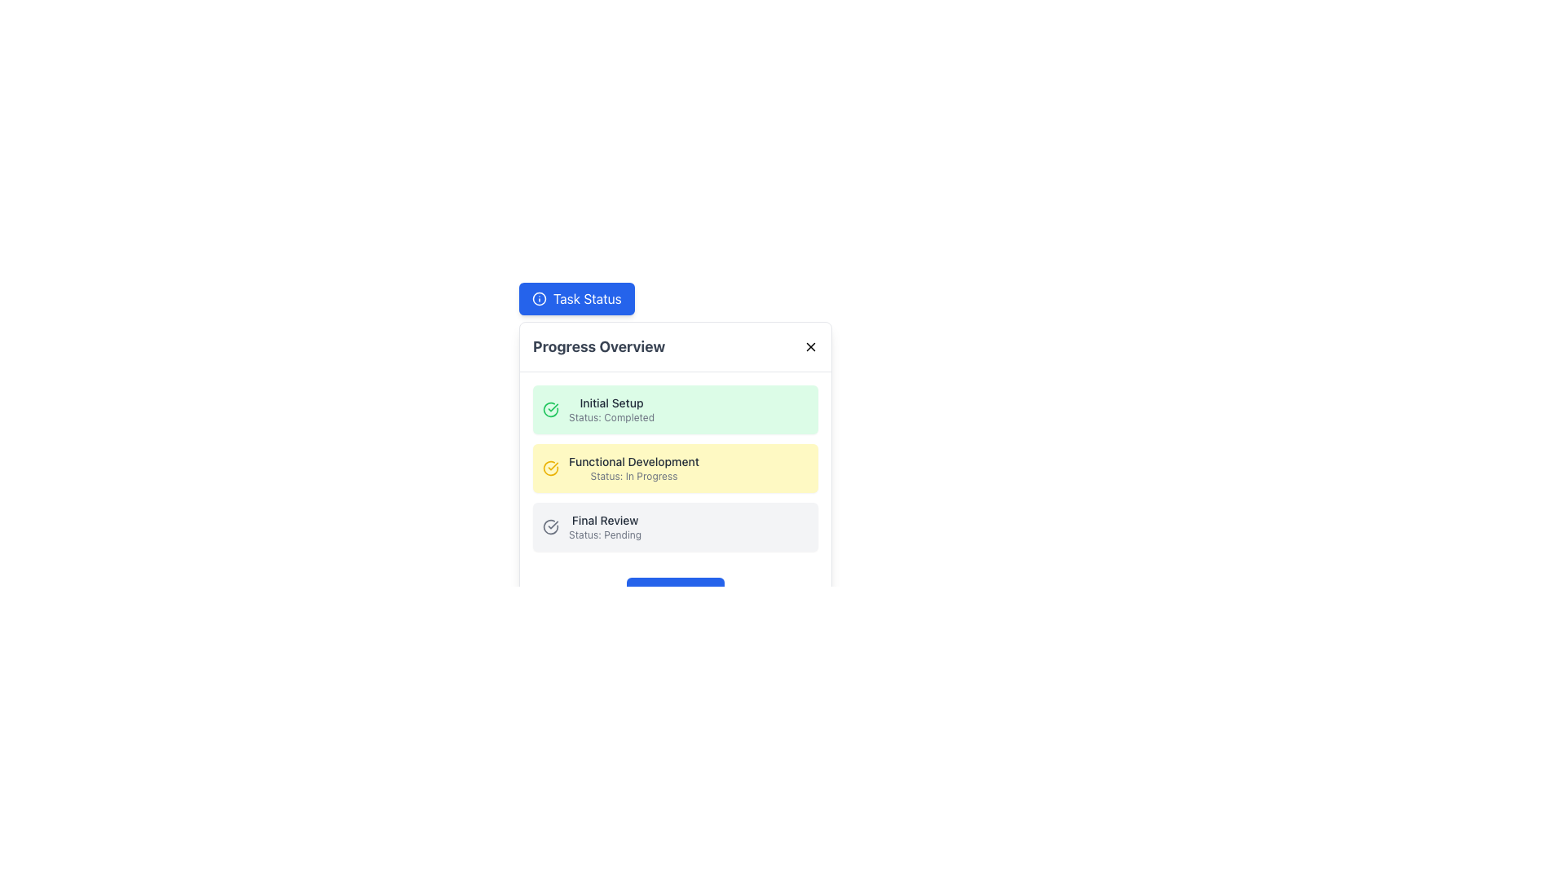 The image size is (1565, 880). Describe the element at coordinates (633, 468) in the screenshot. I see `the 'Functional Development' text element with status 'In Progress' to focus on it` at that location.